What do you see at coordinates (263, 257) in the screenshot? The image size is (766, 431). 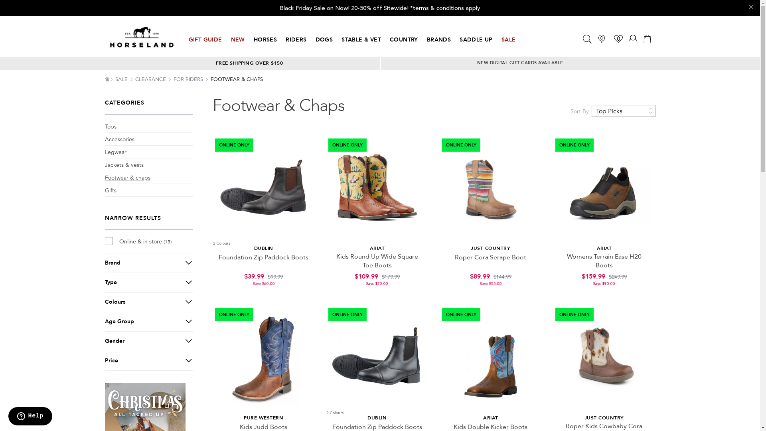 I see `'Foundation Zip Paddock Boots'` at bounding box center [263, 257].